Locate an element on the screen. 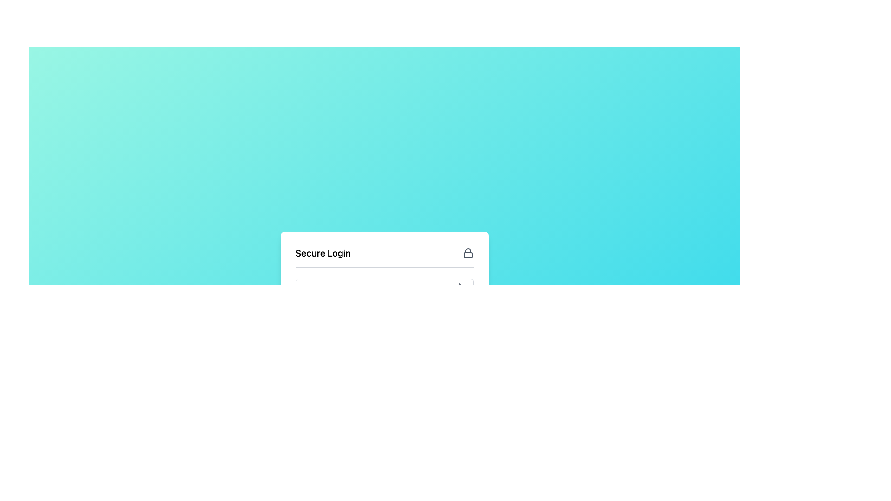 The width and height of the screenshot is (891, 501). the line segment of the eye-off icon, which is part of a secure login form and has a gray stroke color is located at coordinates (464, 288).